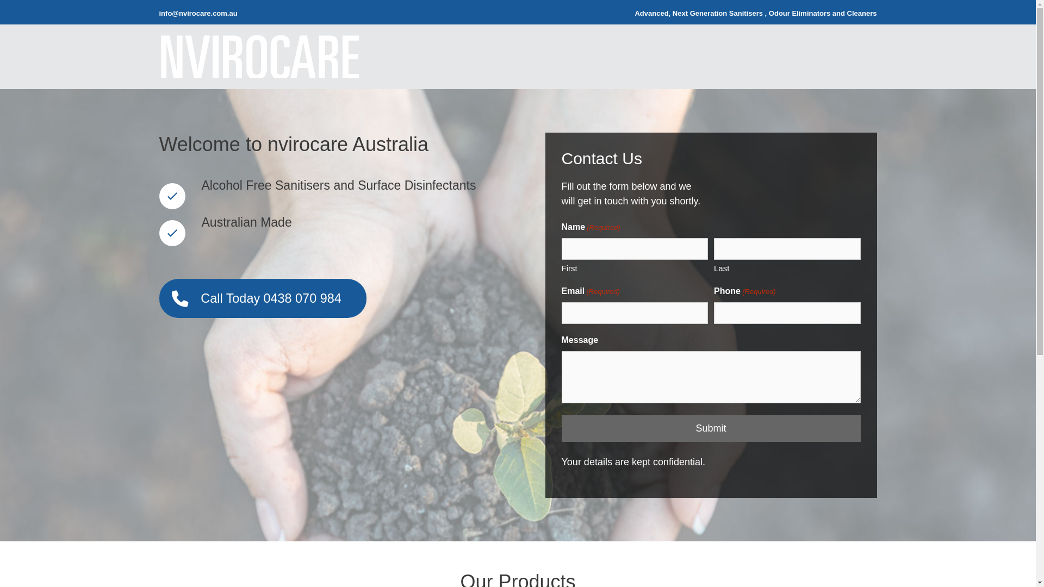  What do you see at coordinates (171, 196) in the screenshot?
I see `'Alcohol Free Sanitisers and Surface Disinfectants'` at bounding box center [171, 196].